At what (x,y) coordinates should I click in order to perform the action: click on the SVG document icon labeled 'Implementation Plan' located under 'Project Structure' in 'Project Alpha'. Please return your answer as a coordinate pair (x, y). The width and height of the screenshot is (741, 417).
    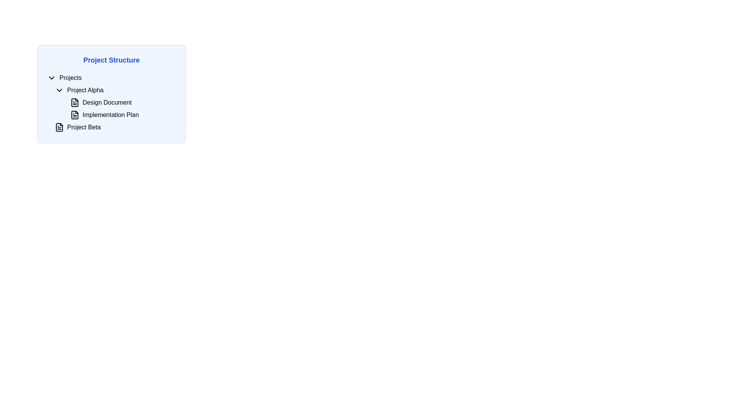
    Looking at the image, I should click on (74, 115).